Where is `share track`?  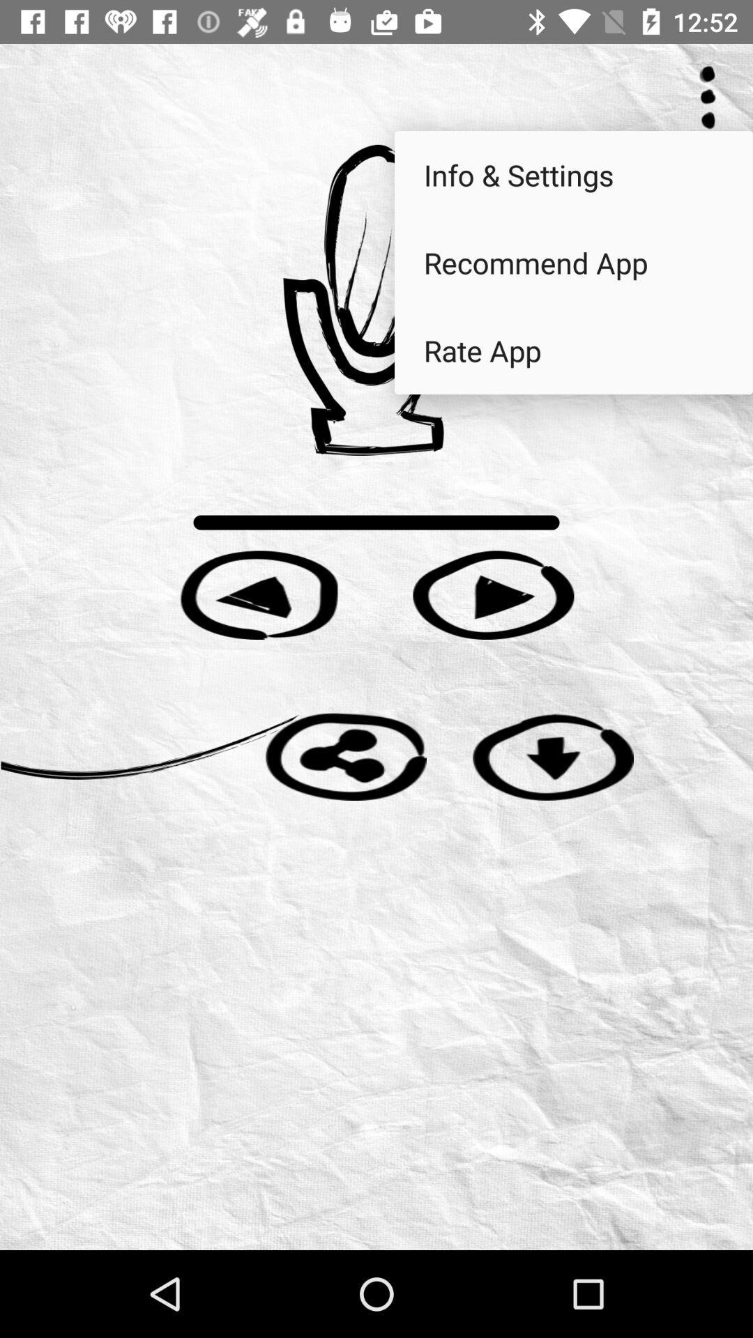 share track is located at coordinates (345, 755).